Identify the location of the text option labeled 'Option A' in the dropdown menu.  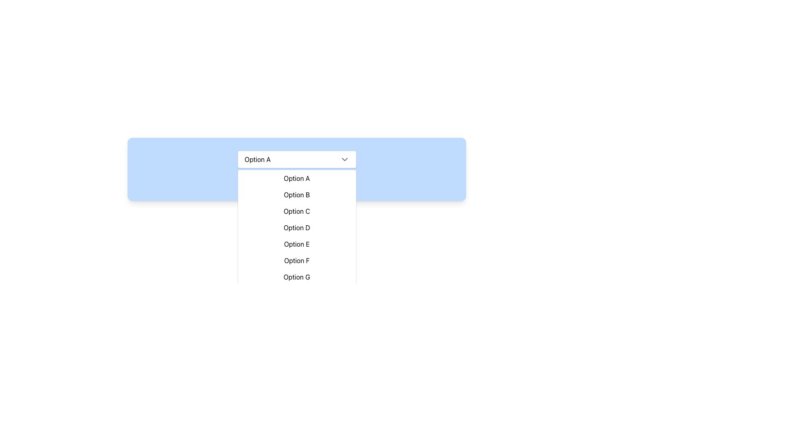
(296, 178).